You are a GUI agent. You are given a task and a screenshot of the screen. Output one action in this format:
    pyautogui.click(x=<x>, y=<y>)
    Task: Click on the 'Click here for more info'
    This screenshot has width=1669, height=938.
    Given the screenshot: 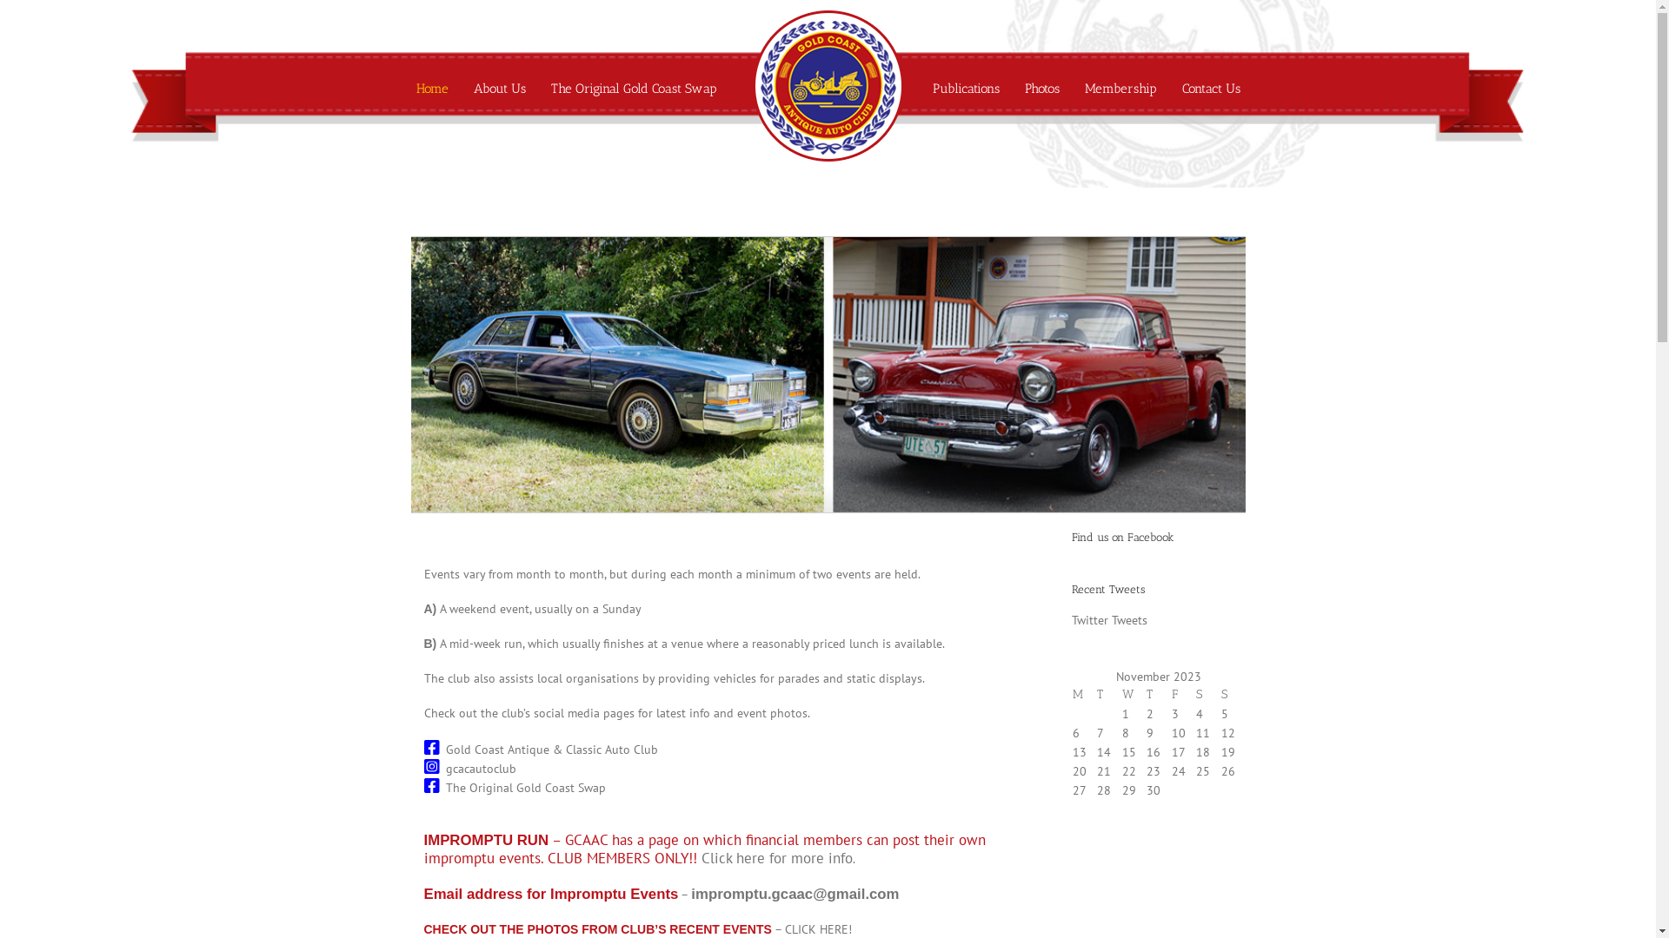 What is the action you would take?
    pyautogui.click(x=701, y=856)
    